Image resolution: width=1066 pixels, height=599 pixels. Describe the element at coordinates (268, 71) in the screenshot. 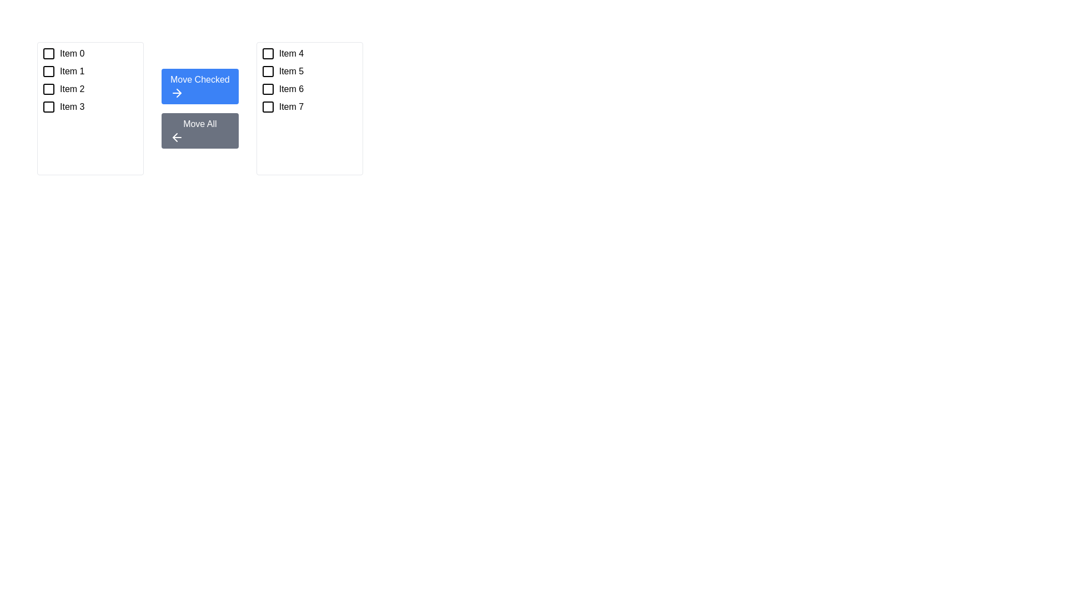

I see `the checkbox for 'Item 5'` at that location.